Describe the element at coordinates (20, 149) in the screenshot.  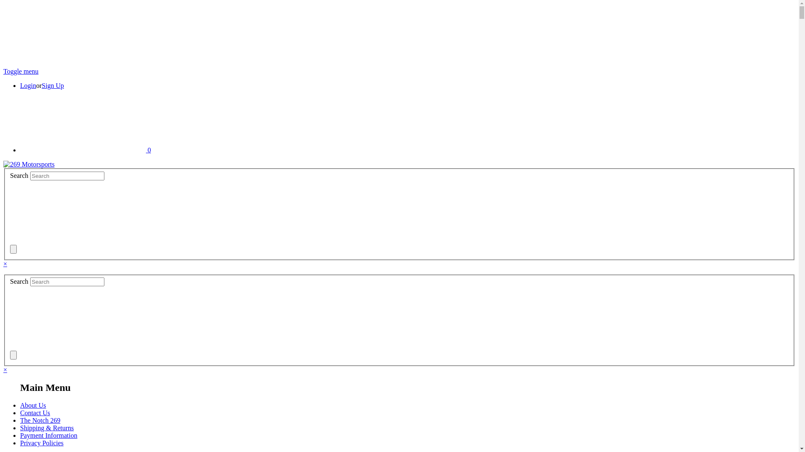
I see `'0'` at that location.